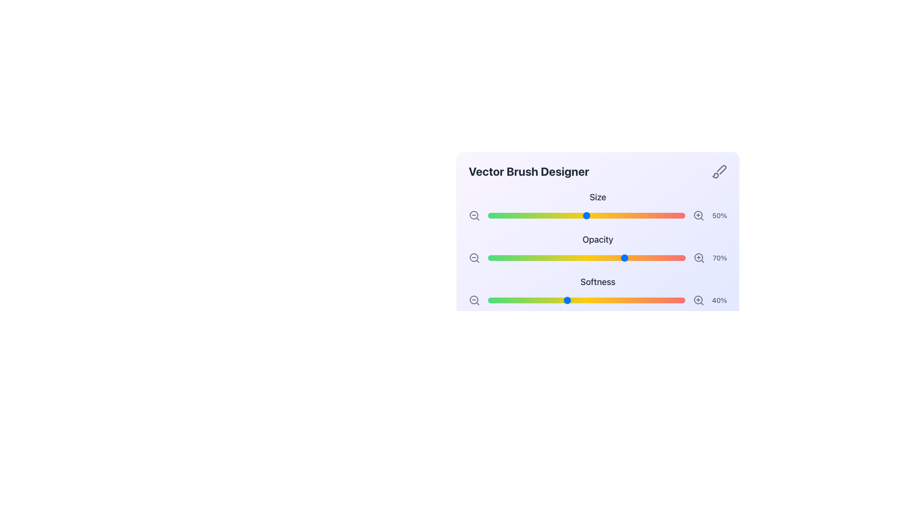 This screenshot has width=924, height=520. Describe the element at coordinates (545, 215) in the screenshot. I see `the size` at that location.